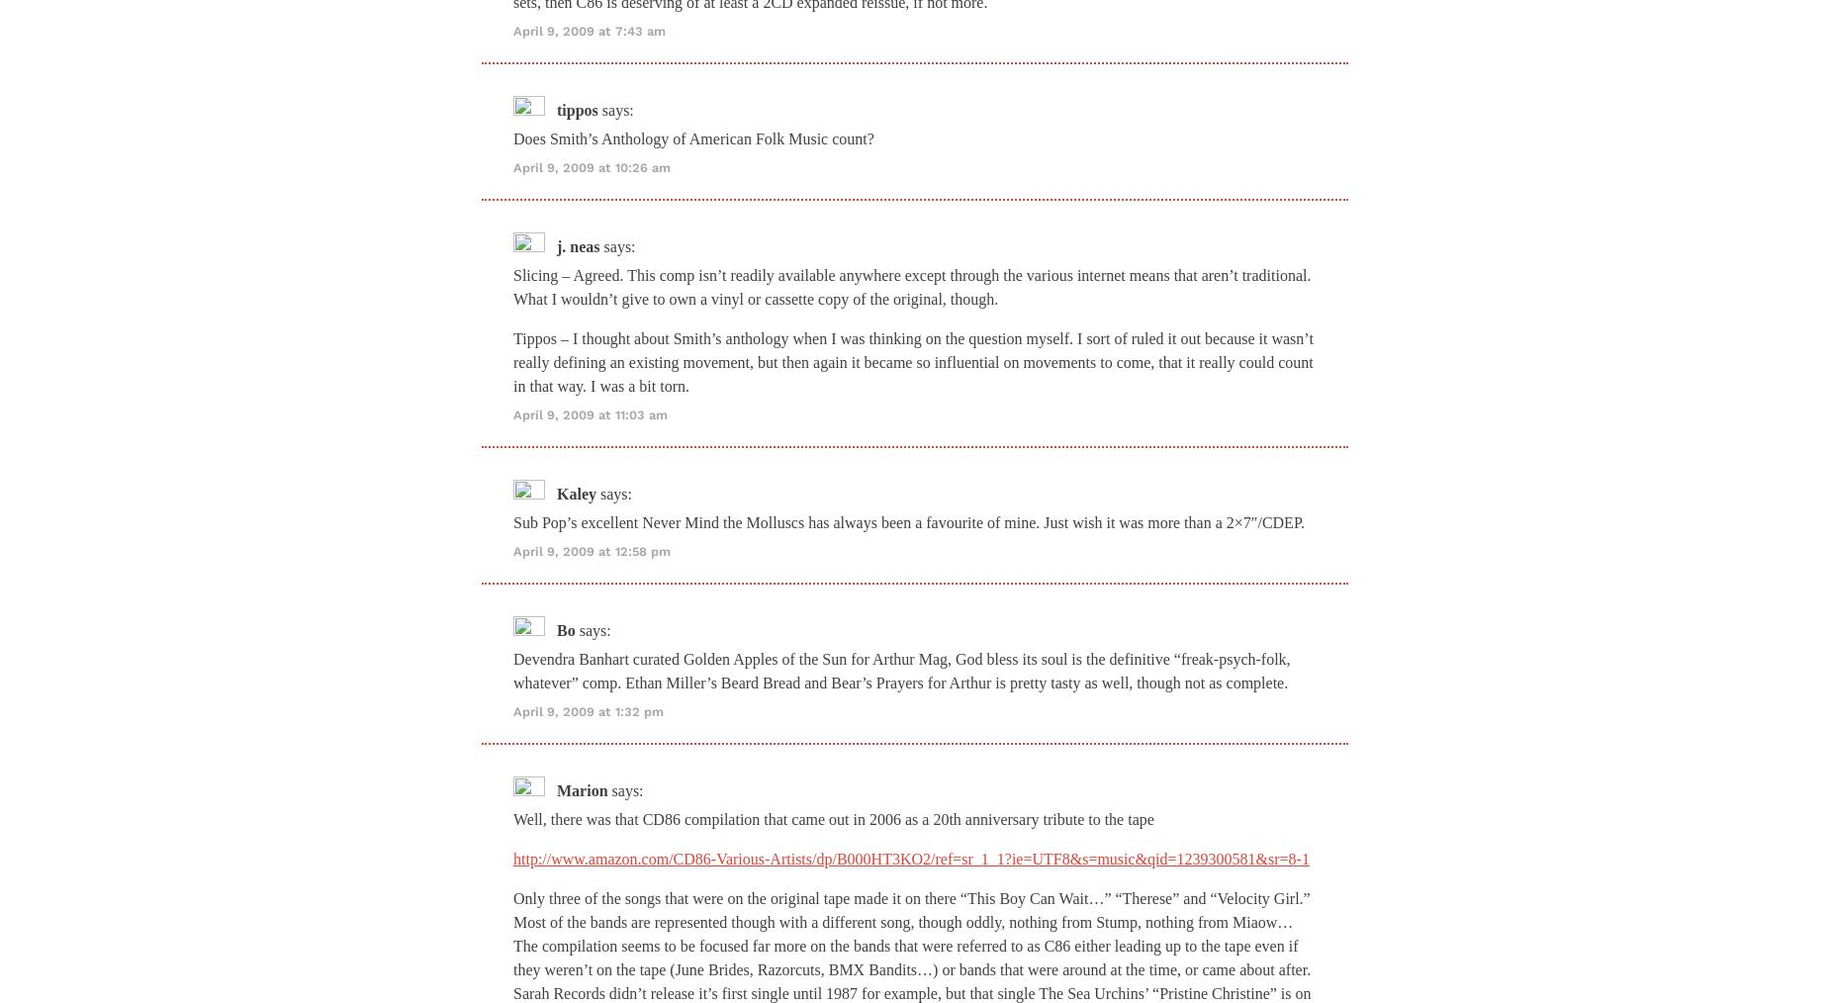 The height and width of the screenshot is (1003, 1830). Describe the element at coordinates (592, 166) in the screenshot. I see `'April 9, 2009 at 10:26 am'` at that location.